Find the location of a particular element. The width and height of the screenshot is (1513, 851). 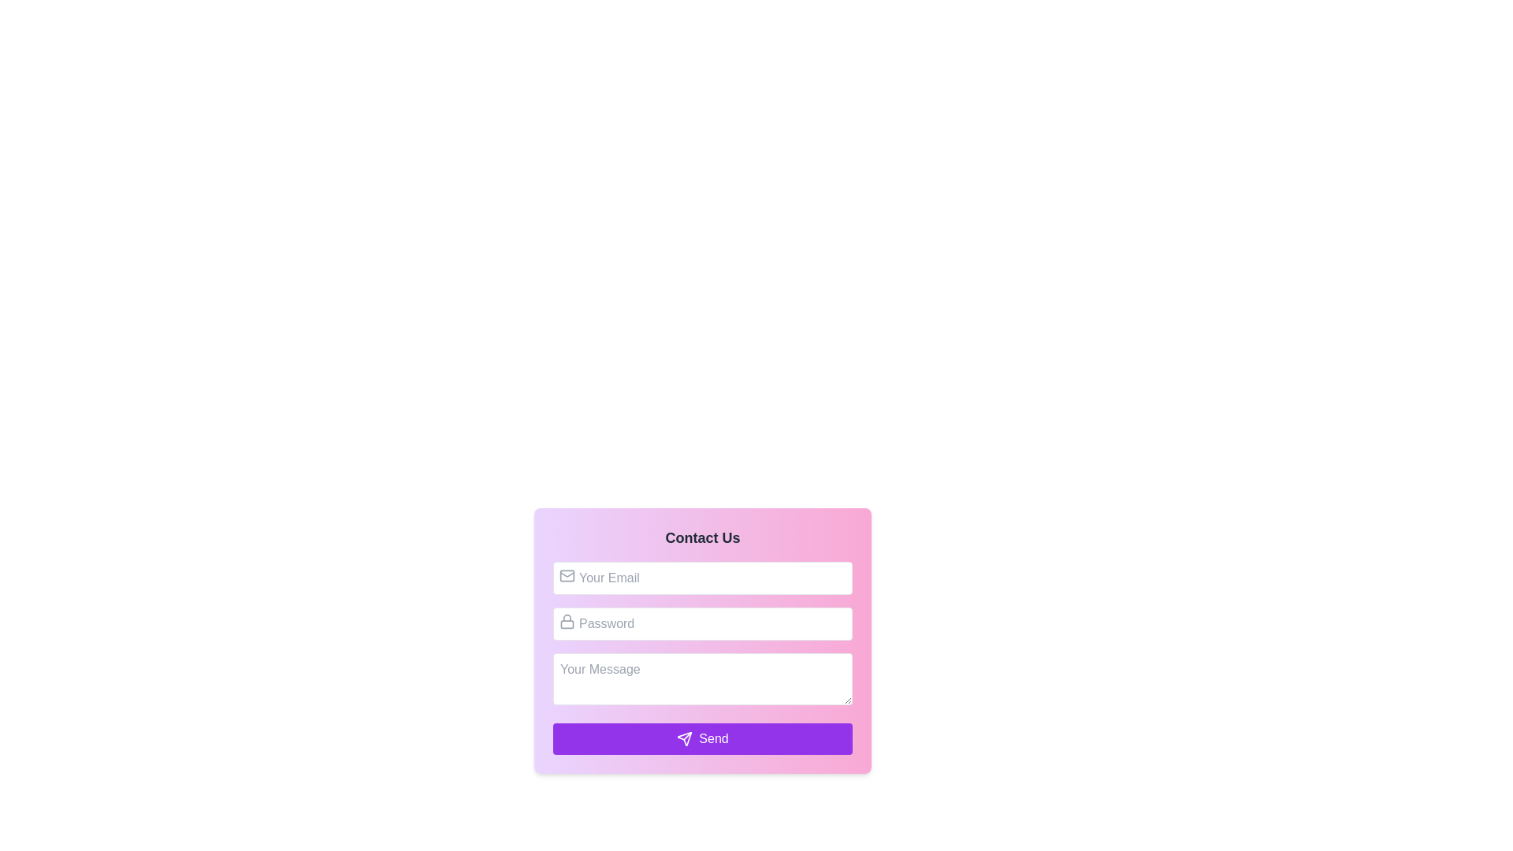

the diagonal line segment of the SVG graphic that is part of the 'Send' button's icon, positioned at the bottom right of the button label text is located at coordinates (688, 736).